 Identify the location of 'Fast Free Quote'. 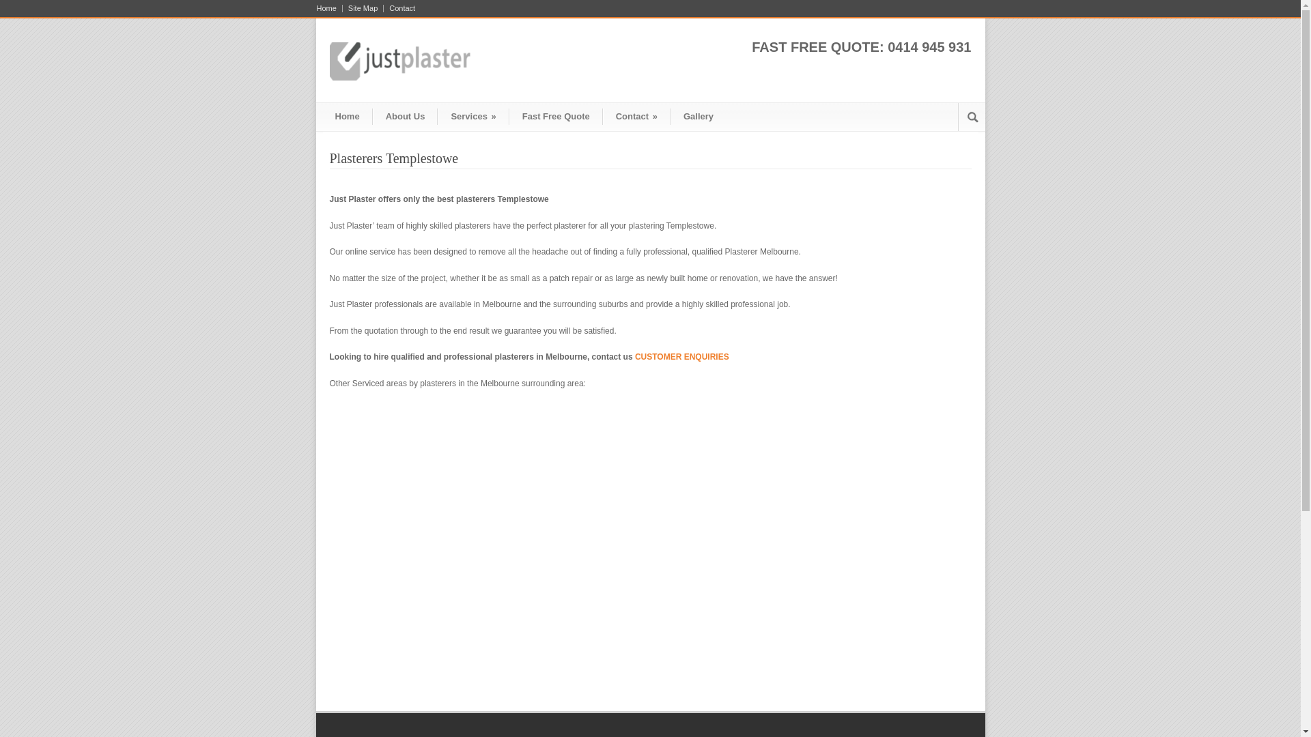
(556, 115).